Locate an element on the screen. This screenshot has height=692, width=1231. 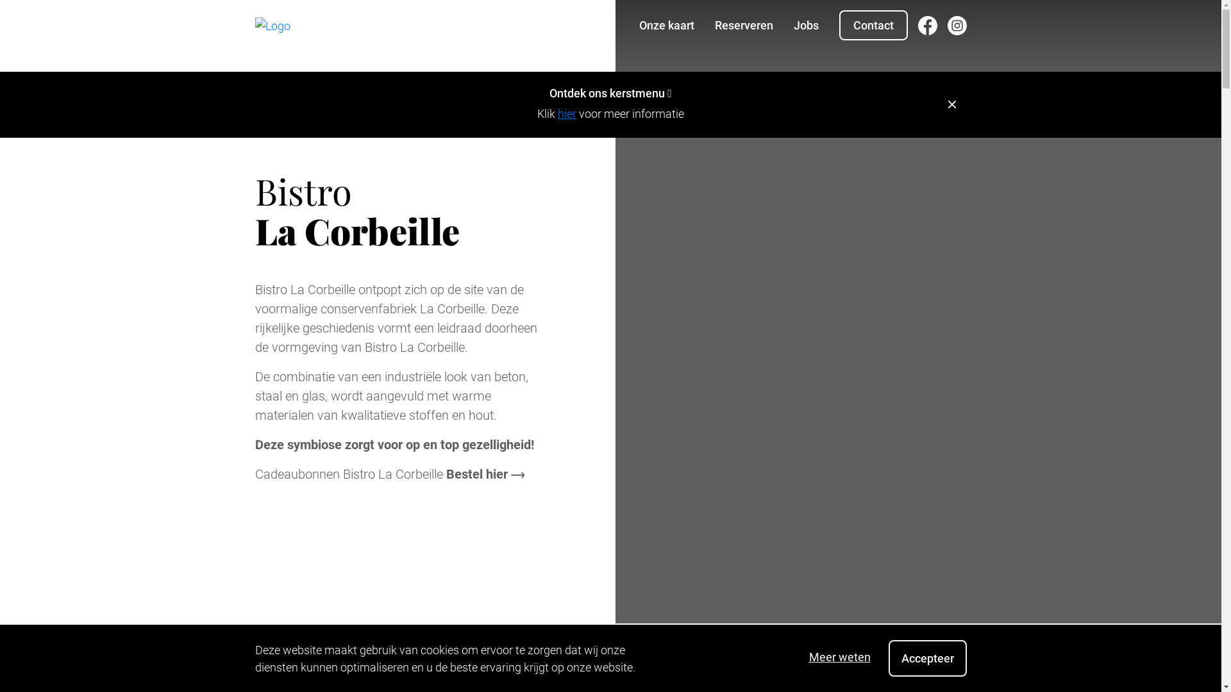
'Meer weten' is located at coordinates (840, 657).